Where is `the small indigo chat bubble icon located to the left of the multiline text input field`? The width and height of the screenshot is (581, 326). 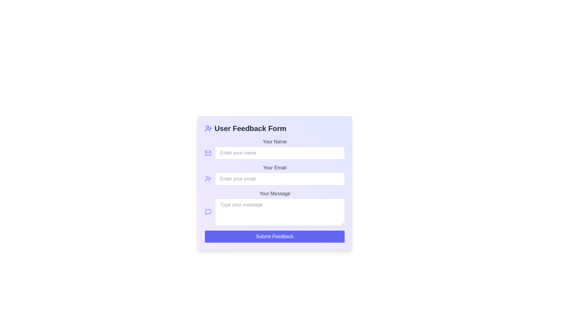 the small indigo chat bubble icon located to the left of the multiline text input field is located at coordinates (208, 212).